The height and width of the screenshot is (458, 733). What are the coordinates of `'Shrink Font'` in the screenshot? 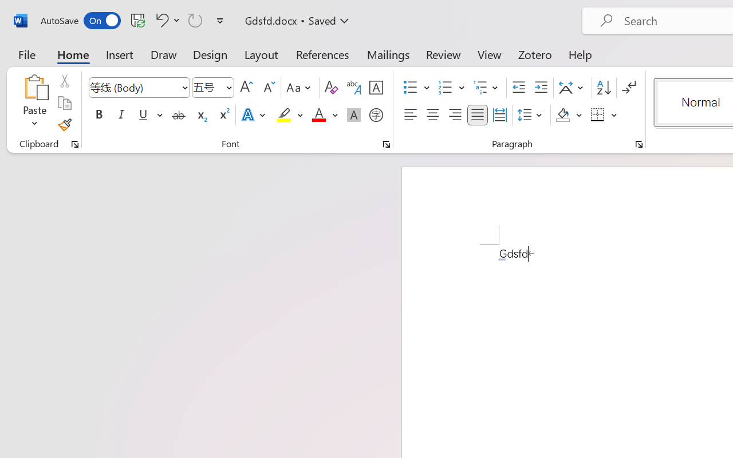 It's located at (267, 88).